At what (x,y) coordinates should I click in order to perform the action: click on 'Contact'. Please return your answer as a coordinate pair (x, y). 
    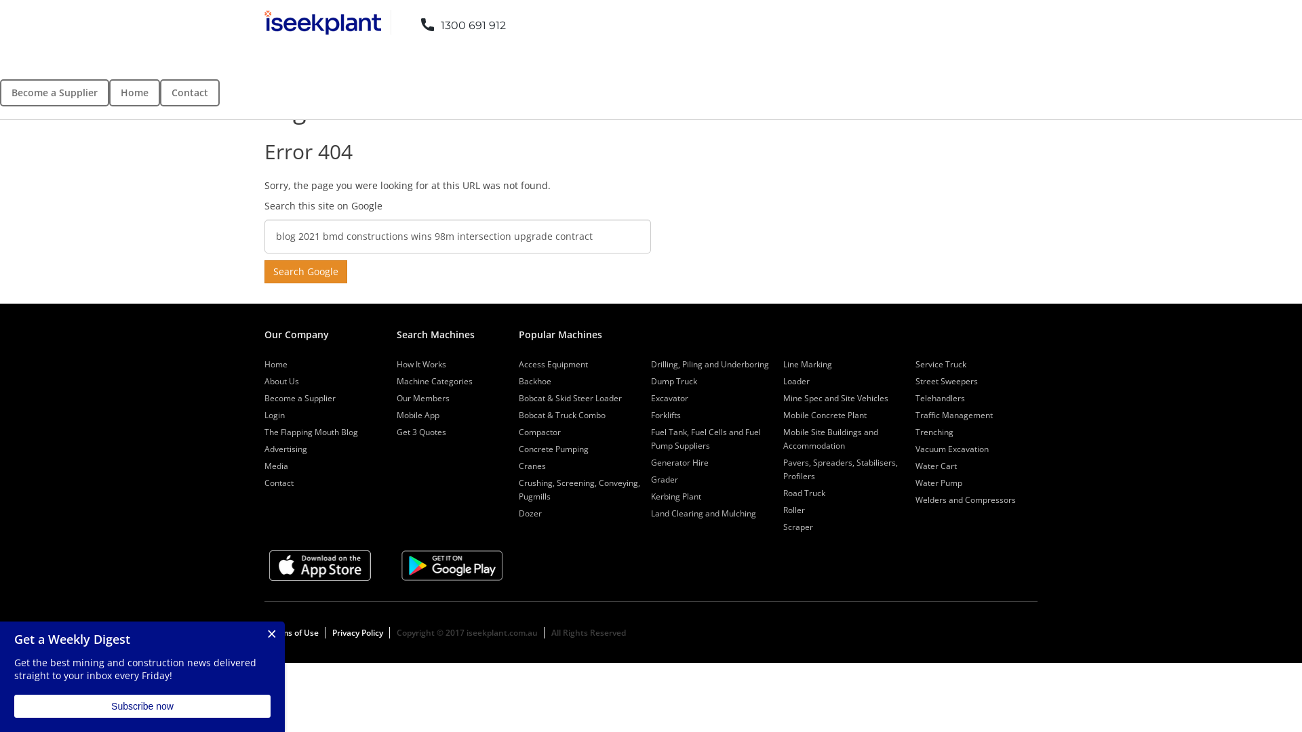
    Looking at the image, I should click on (278, 482).